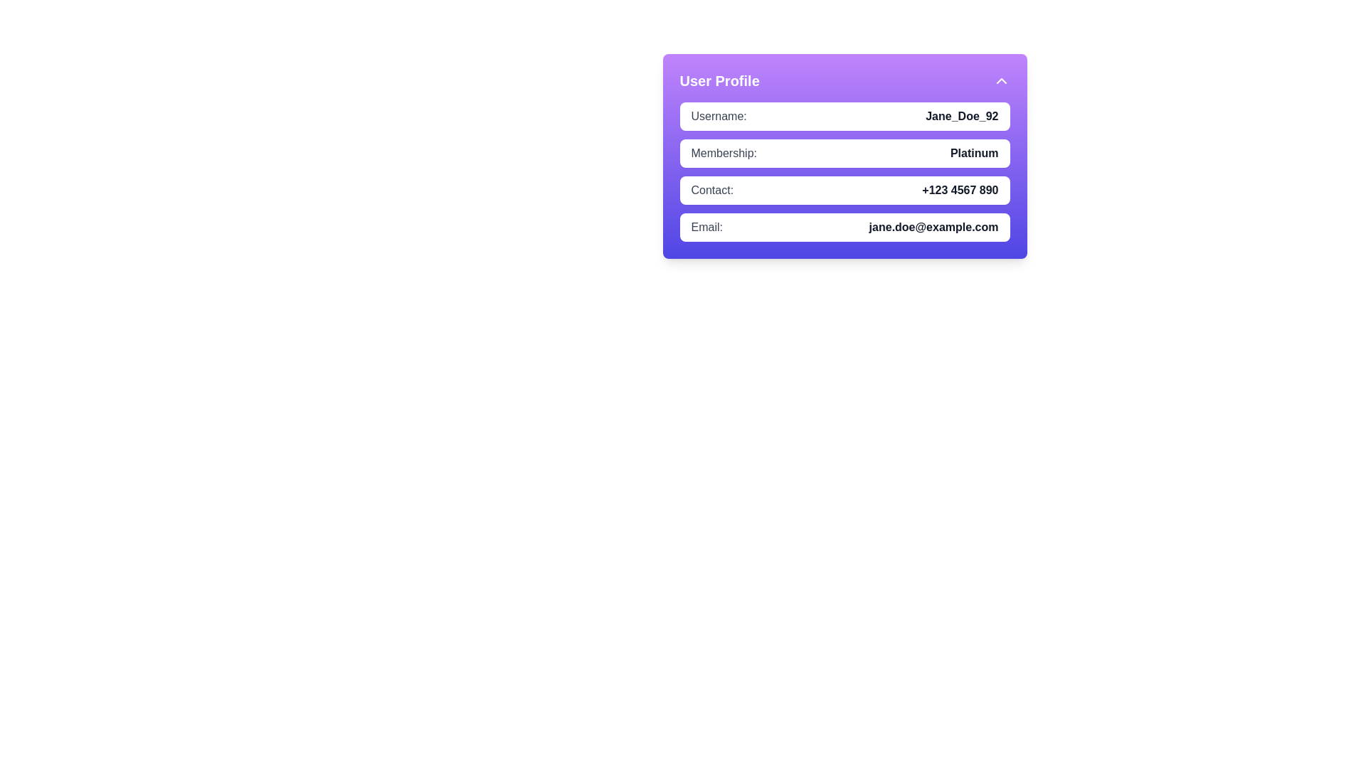 The width and height of the screenshot is (1366, 768). What do you see at coordinates (706, 227) in the screenshot?
I see `the text label located in the lower section of the user profile card, which clarifies the adjacent email information on its right` at bounding box center [706, 227].